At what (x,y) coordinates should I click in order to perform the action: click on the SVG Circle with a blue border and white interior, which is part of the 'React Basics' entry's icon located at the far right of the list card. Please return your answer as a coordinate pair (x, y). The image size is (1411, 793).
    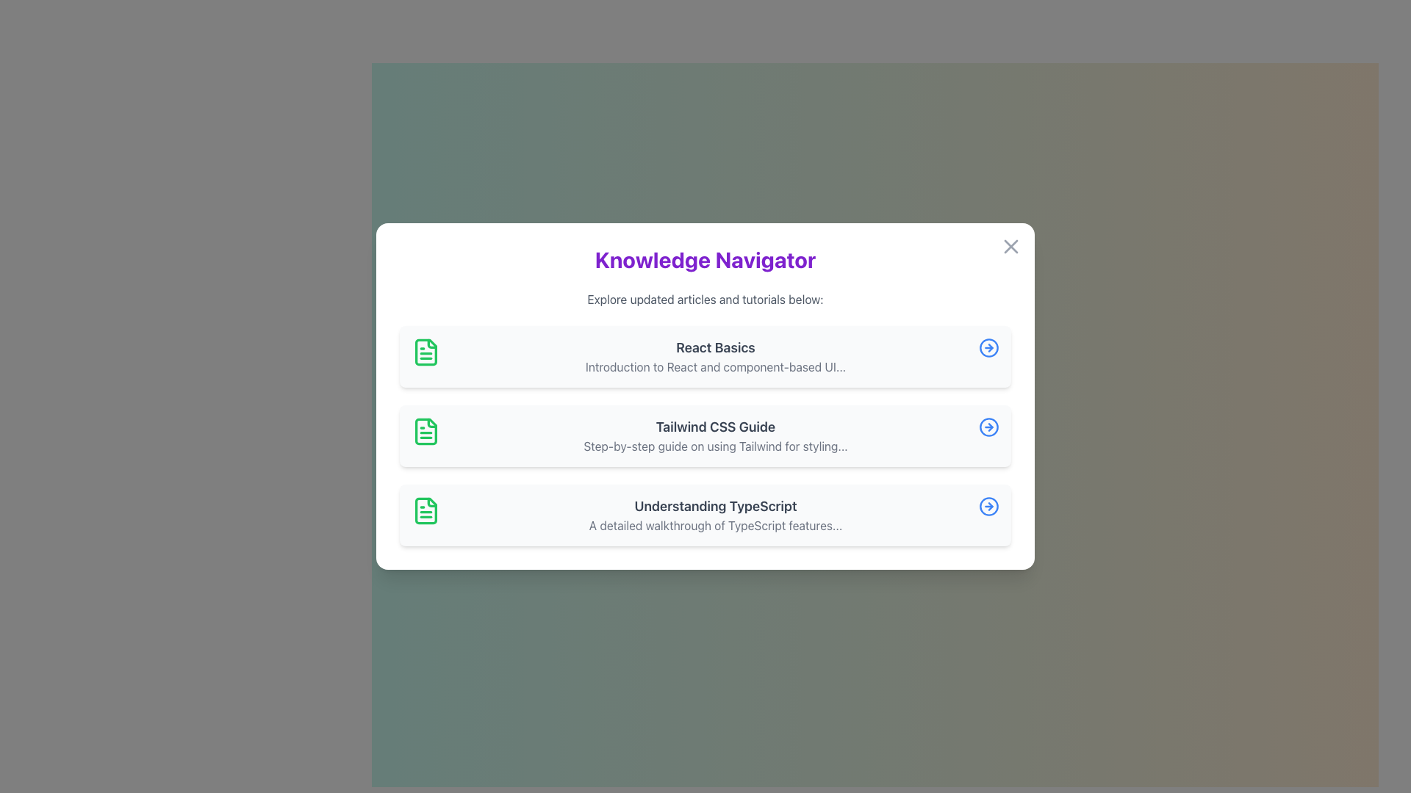
    Looking at the image, I should click on (988, 348).